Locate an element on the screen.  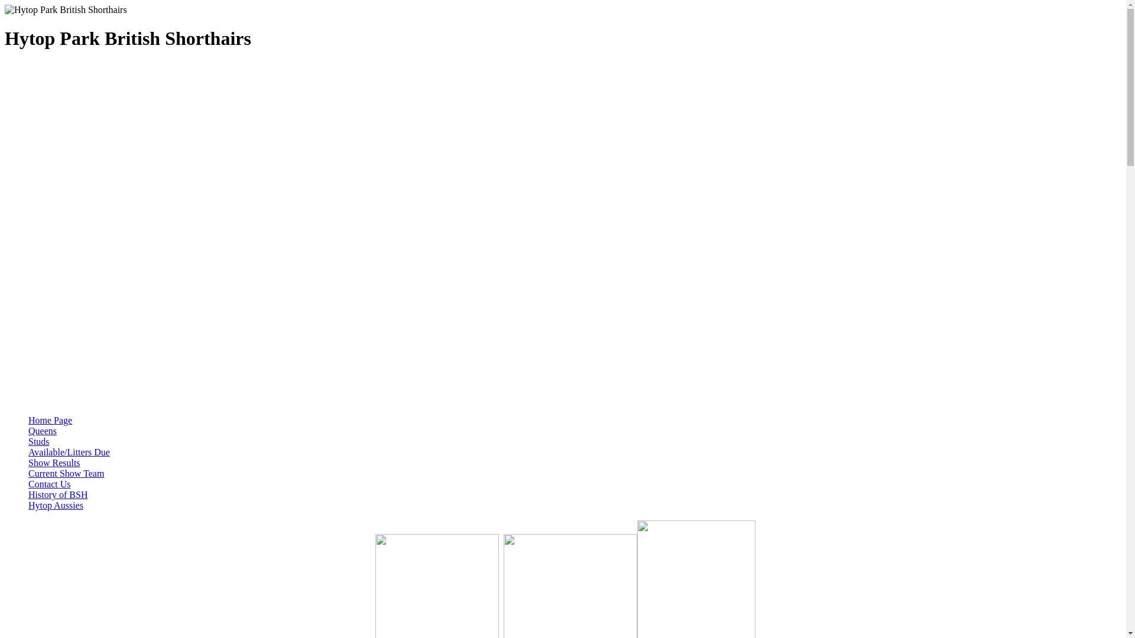
'Available/Litters Due' is located at coordinates (68, 452).